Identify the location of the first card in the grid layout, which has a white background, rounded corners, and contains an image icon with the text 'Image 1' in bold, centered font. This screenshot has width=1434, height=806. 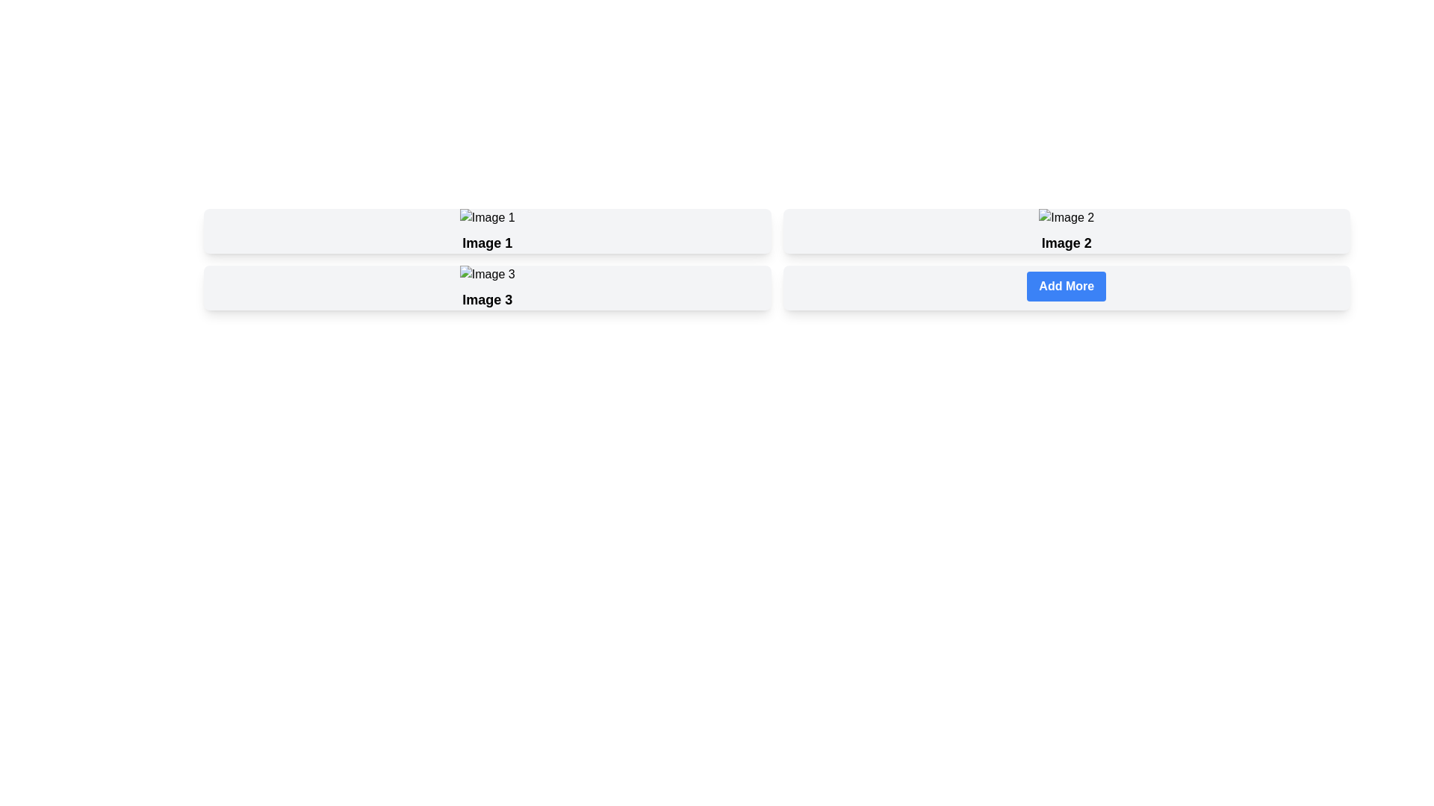
(487, 231).